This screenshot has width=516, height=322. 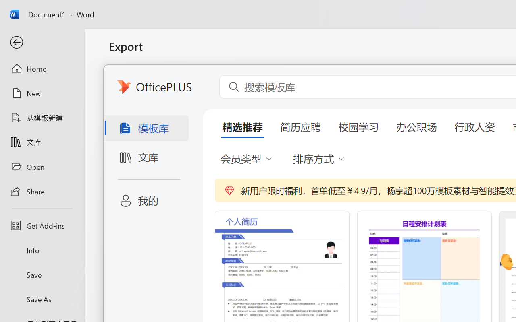 I want to click on 'Info', so click(x=42, y=250).